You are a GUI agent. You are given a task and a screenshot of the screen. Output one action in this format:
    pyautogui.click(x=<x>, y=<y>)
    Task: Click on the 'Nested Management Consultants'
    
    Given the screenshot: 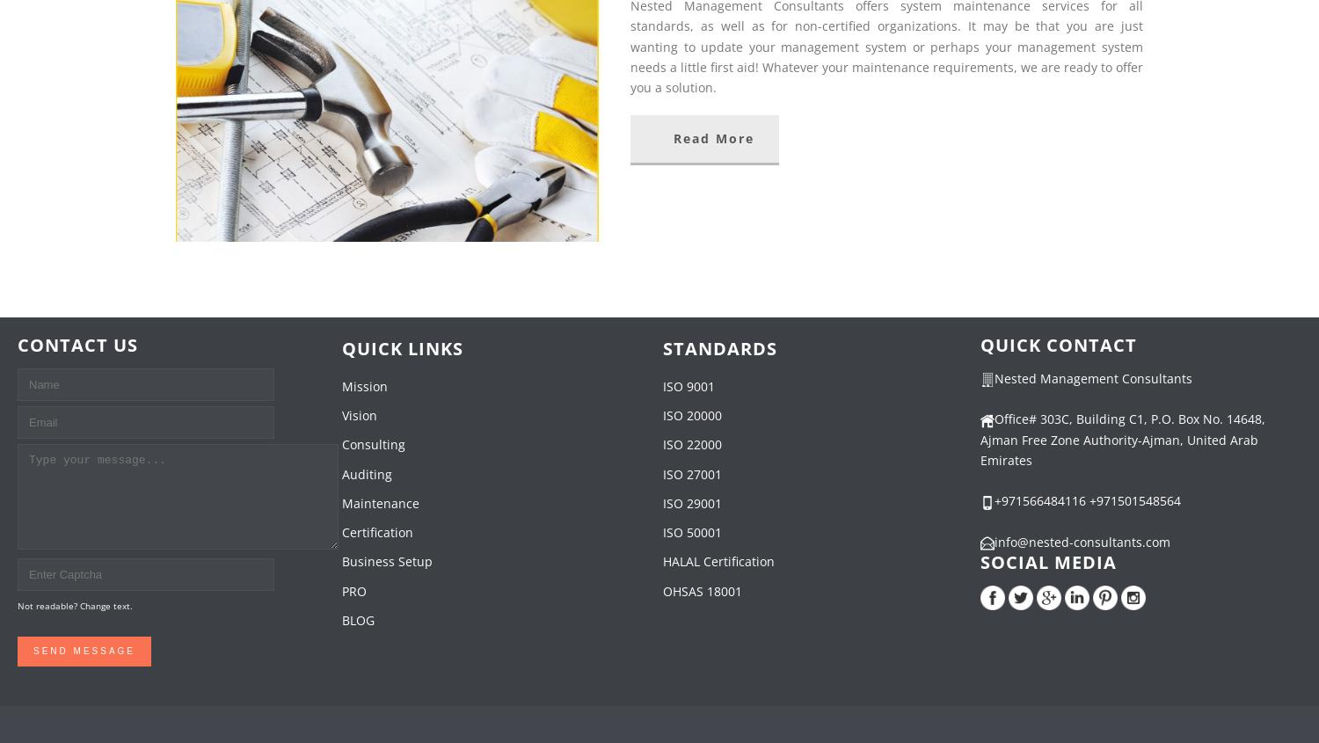 What is the action you would take?
    pyautogui.click(x=1092, y=377)
    